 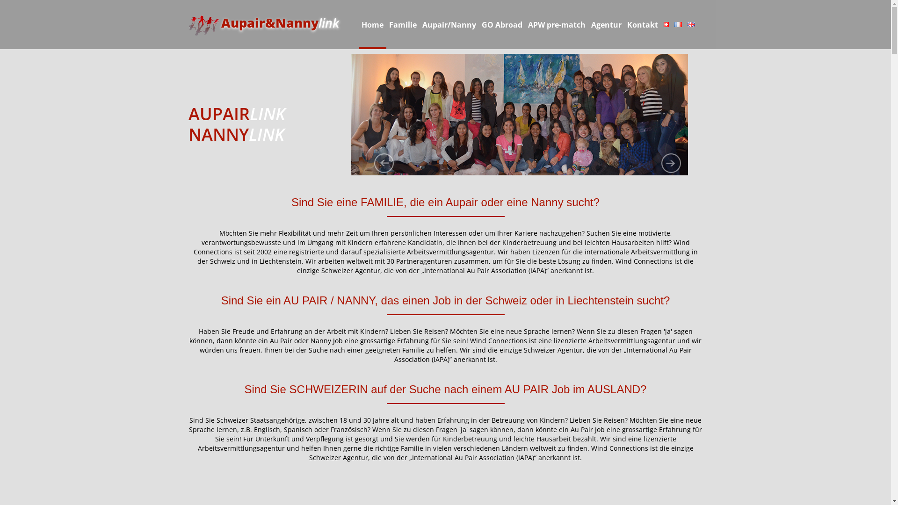 I want to click on 'Aupair/Nanny', so click(x=448, y=23).